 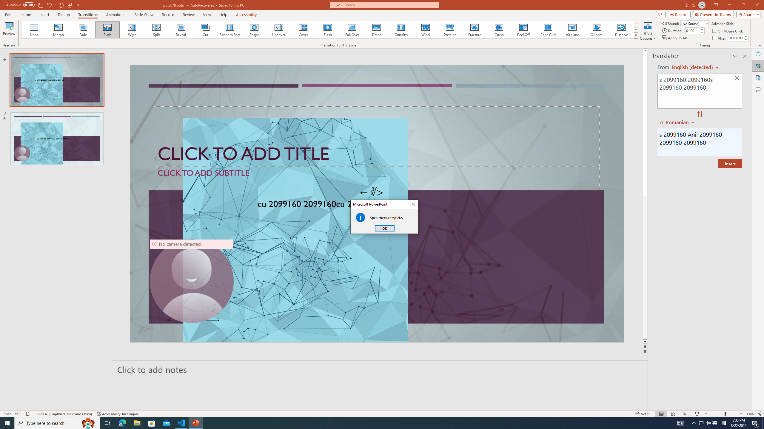 What do you see at coordinates (376, 29) in the screenshot?
I see `'Drape'` at bounding box center [376, 29].